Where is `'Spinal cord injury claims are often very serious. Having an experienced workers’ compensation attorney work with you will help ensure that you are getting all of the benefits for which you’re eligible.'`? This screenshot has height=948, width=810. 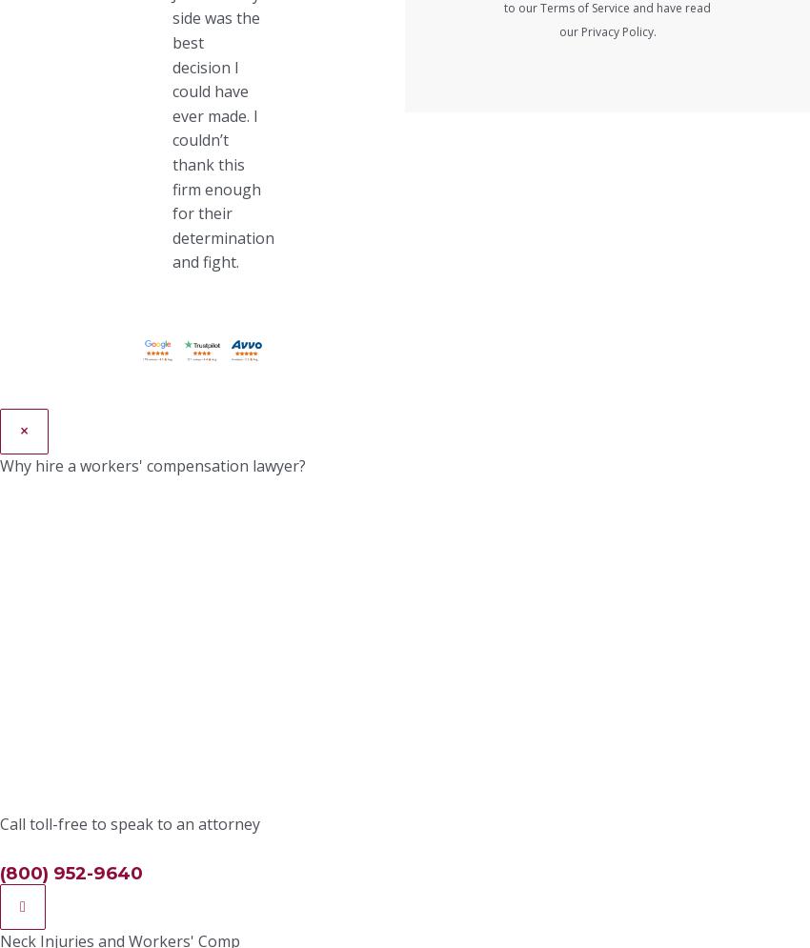
'Spinal cord injury claims are often very serious. Having an experienced workers’ compensation attorney work with you will help ensure that you are getting all of the benefits for which you’re eligible.' is located at coordinates (282, 733).